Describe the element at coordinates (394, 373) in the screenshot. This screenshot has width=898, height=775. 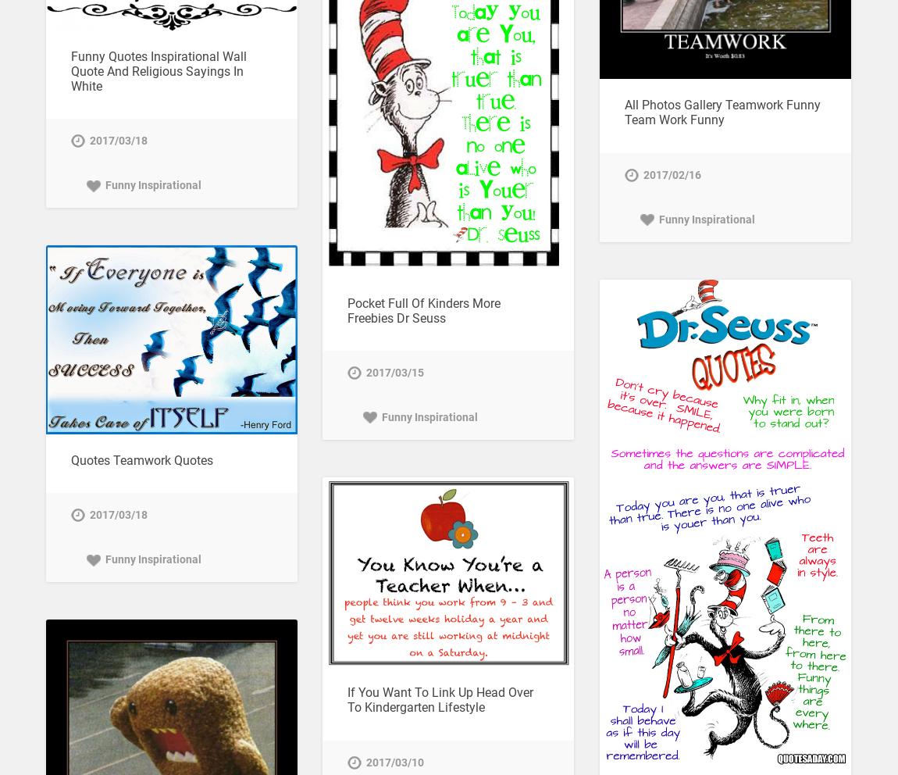
I see `'2017/03/15'` at that location.